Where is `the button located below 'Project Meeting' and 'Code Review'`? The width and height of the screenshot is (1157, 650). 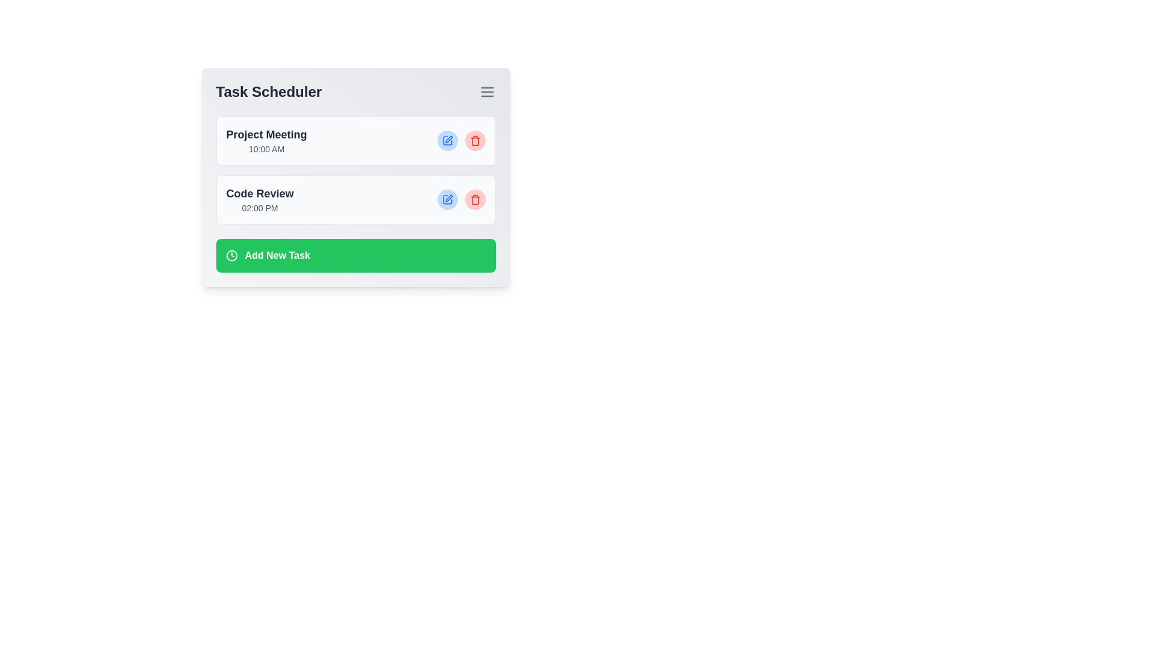 the button located below 'Project Meeting' and 'Code Review' is located at coordinates (355, 255).